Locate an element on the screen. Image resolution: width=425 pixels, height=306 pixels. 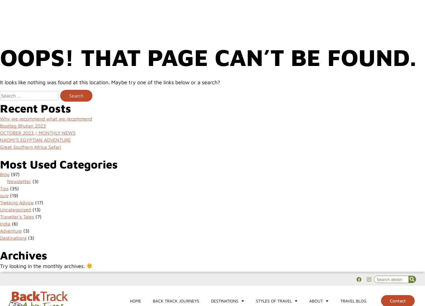
'sicily' is located at coordinates (16, 31).